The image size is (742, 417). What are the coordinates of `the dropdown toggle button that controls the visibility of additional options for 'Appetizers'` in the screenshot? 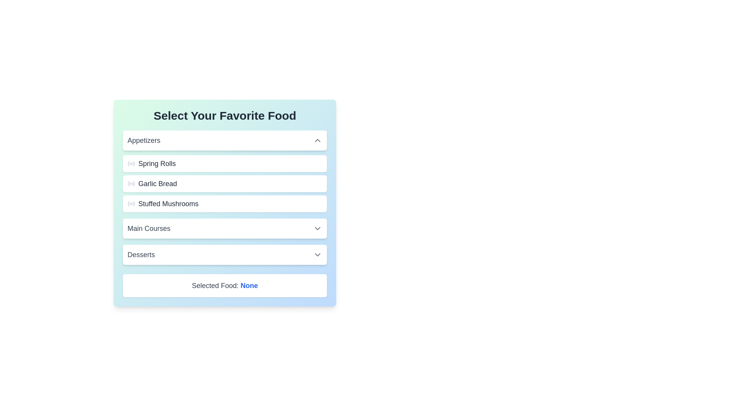 It's located at (224, 140).